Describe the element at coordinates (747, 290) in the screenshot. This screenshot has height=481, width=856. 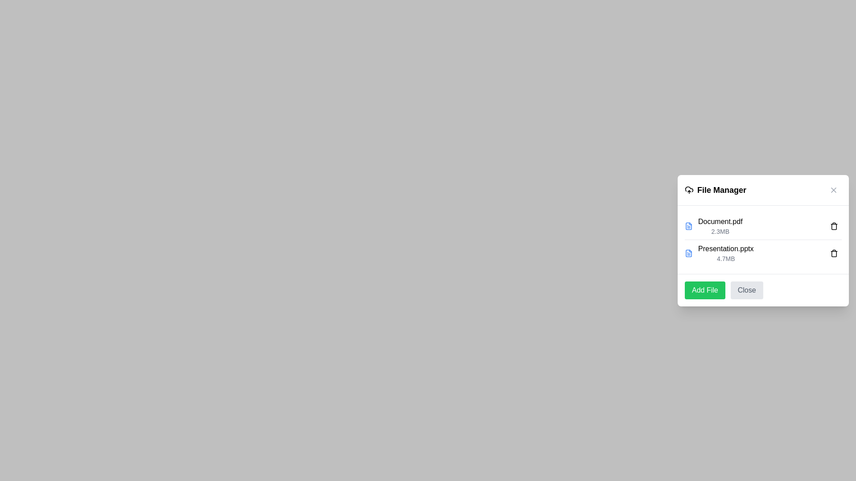
I see `the 'Close' button, which is a rectangular button with a light gray background and the text 'Close' centered in it, located on the right side of the 'Add File' button in the footer of the 'File Manager' modal` at that location.